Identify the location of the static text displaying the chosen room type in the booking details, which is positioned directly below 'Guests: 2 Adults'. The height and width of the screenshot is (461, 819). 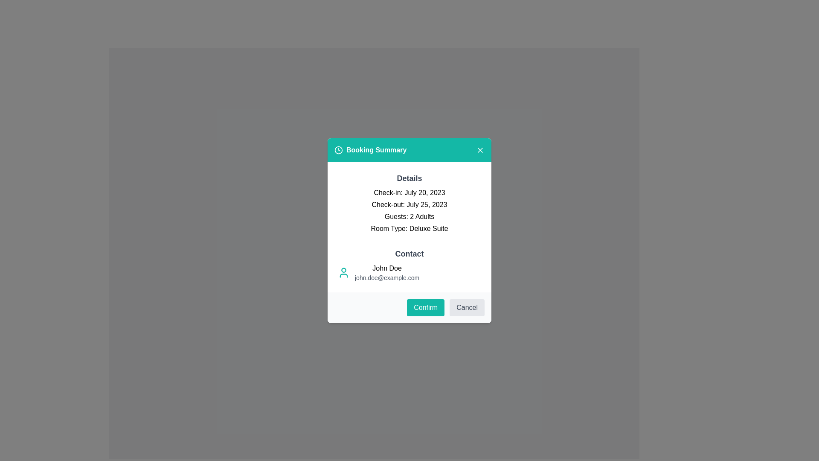
(409, 228).